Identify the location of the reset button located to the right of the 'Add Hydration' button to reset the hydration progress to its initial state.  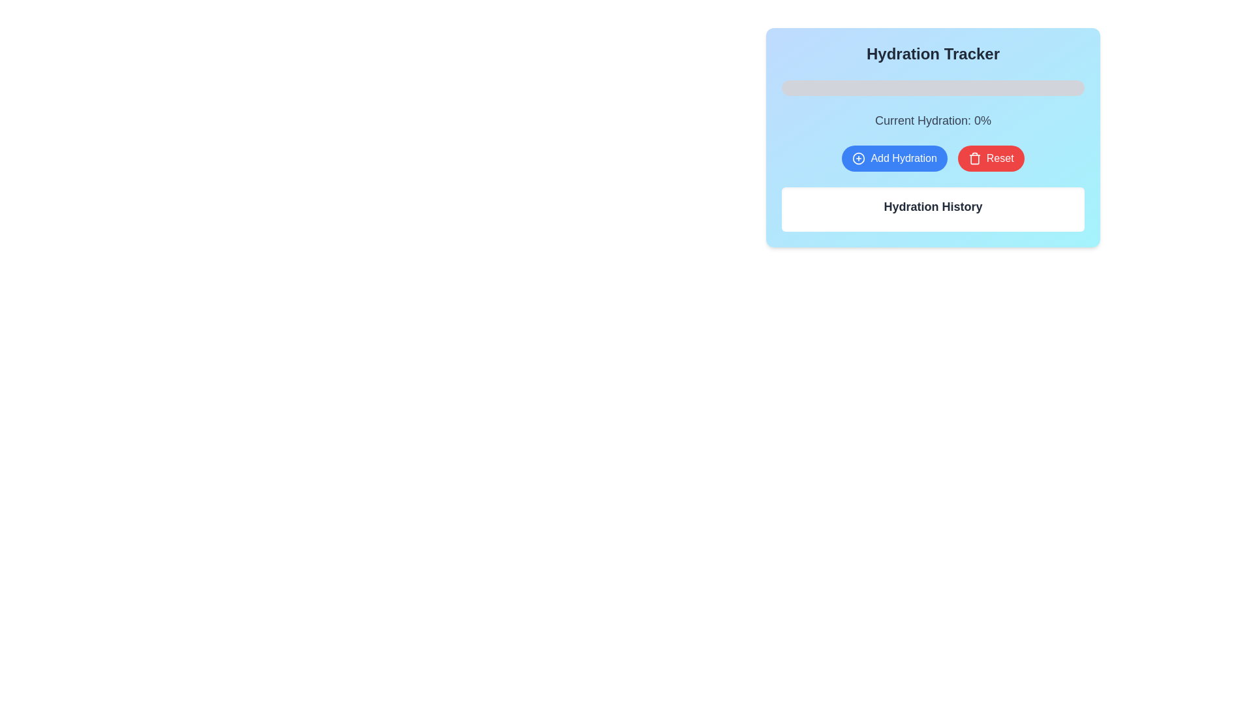
(991, 158).